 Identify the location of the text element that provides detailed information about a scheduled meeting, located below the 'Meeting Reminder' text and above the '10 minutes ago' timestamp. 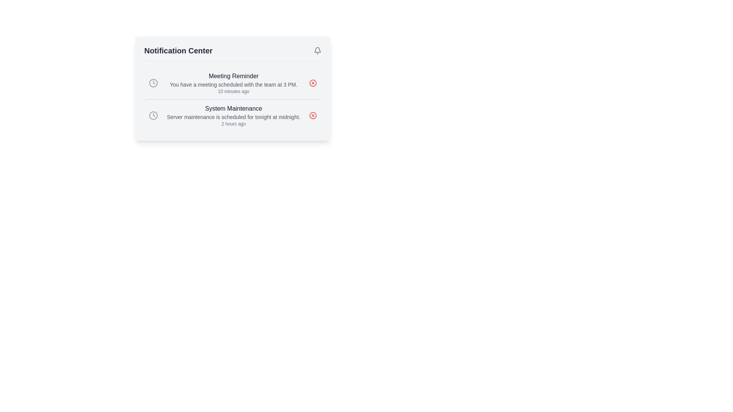
(233, 85).